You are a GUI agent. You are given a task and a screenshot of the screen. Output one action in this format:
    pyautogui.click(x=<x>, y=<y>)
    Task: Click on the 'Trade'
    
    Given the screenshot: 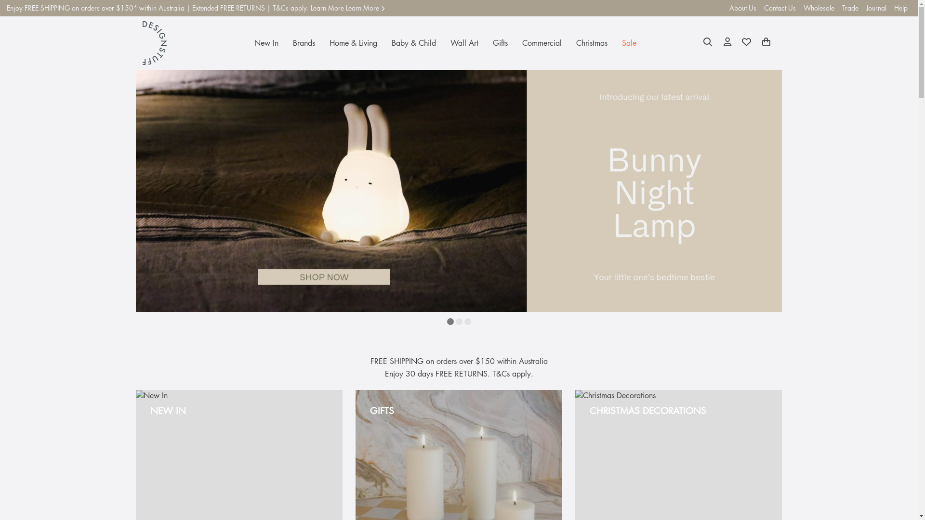 What is the action you would take?
    pyautogui.click(x=850, y=8)
    